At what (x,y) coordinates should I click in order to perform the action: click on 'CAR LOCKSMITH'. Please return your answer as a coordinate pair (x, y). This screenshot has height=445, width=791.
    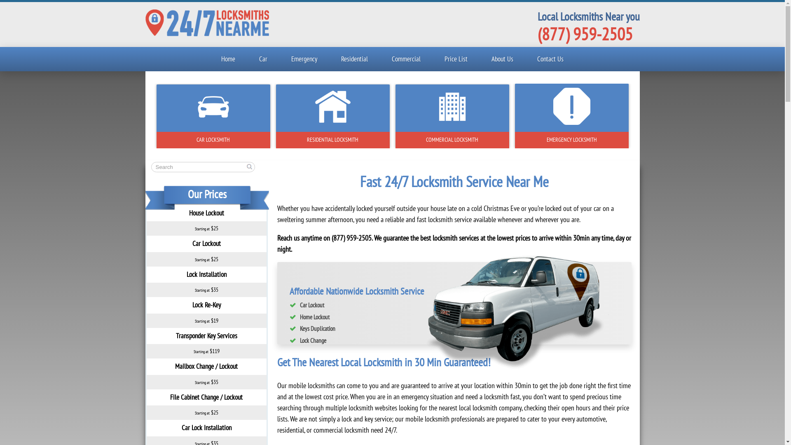
    Looking at the image, I should click on (213, 139).